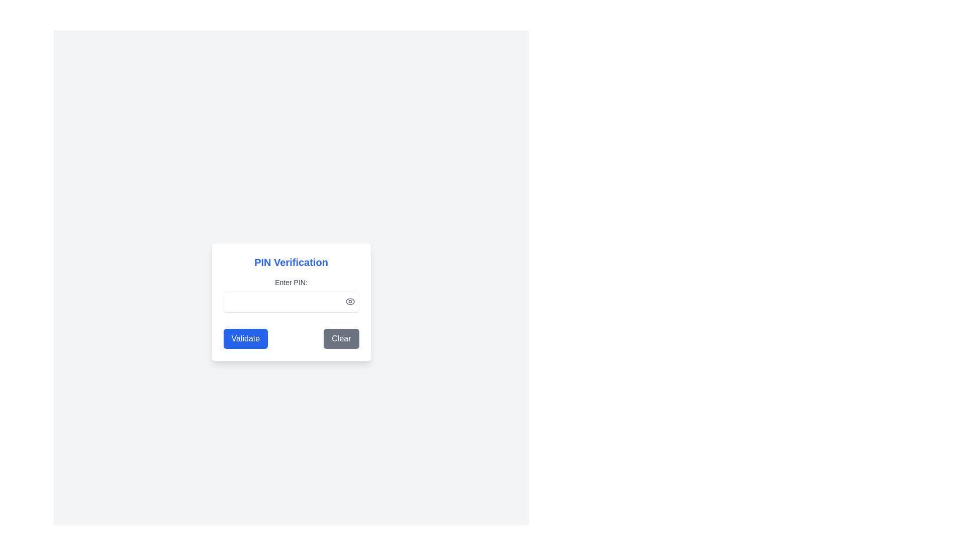 The height and width of the screenshot is (543, 965). Describe the element at coordinates (245, 339) in the screenshot. I see `the bright blue 'Validate' button with white text located in the bottom-left corner of the white card interface` at that location.